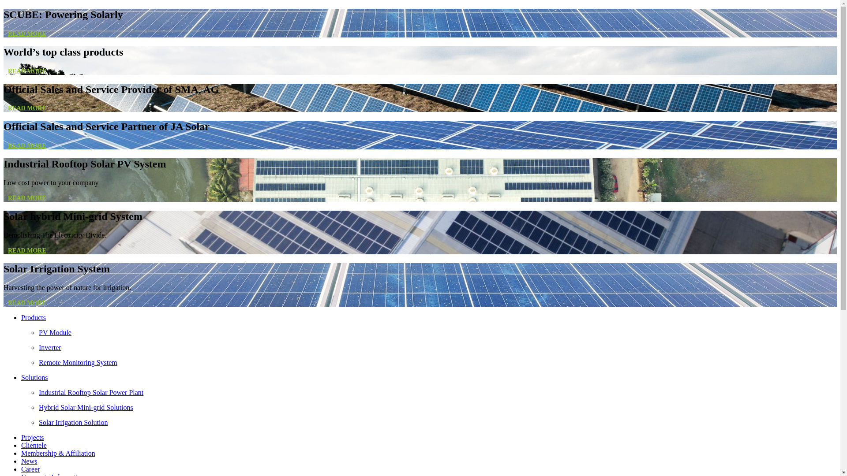 The width and height of the screenshot is (847, 476). What do you see at coordinates (27, 250) in the screenshot?
I see `'READ MORE'` at bounding box center [27, 250].